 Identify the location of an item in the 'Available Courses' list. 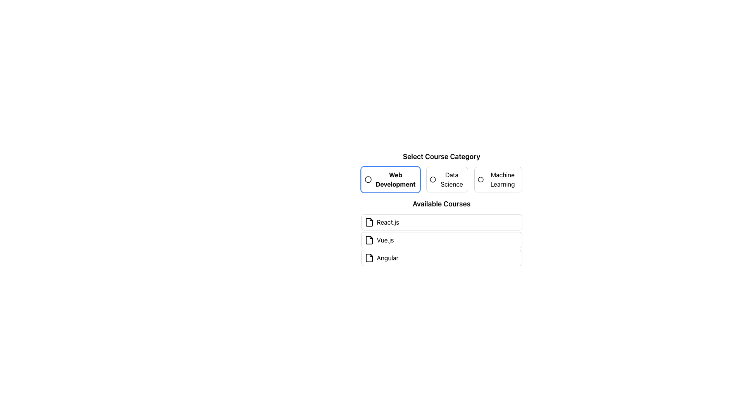
(441, 232).